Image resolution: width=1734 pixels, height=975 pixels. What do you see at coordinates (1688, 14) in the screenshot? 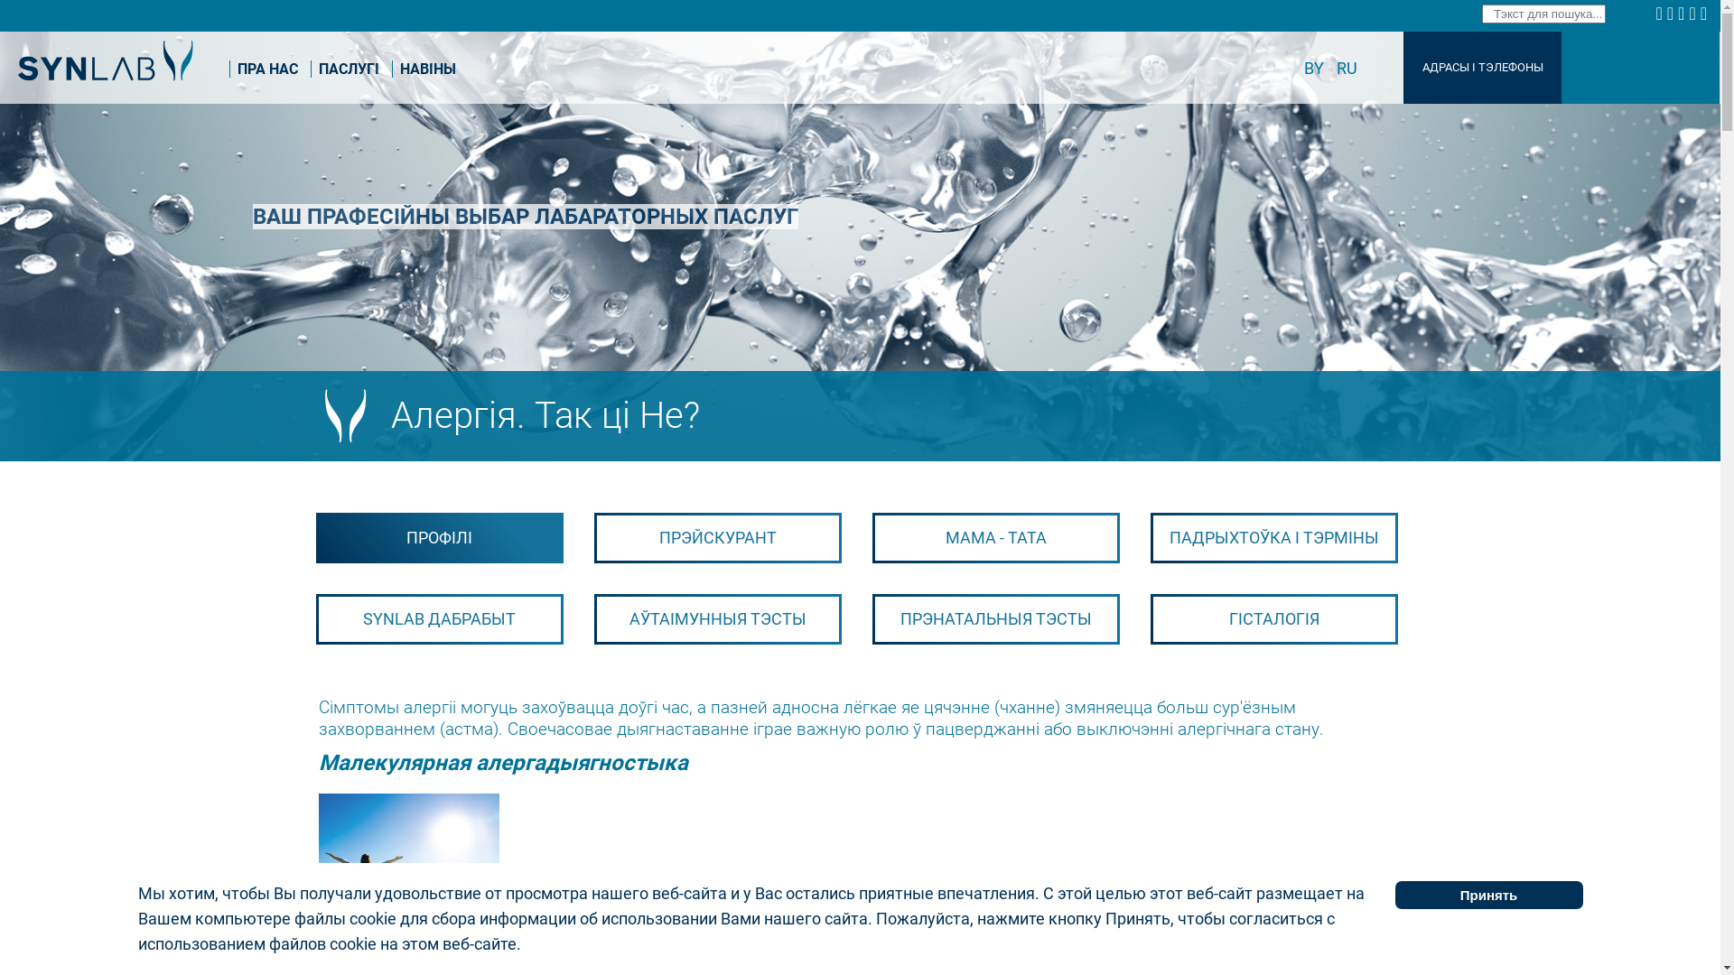
I see `'OK'` at bounding box center [1688, 14].